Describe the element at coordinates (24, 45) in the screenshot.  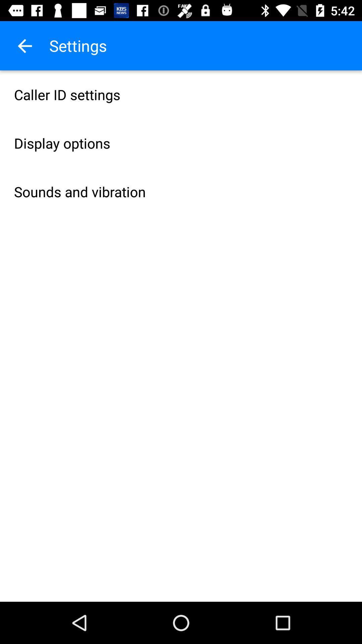
I see `icon above caller id settings` at that location.